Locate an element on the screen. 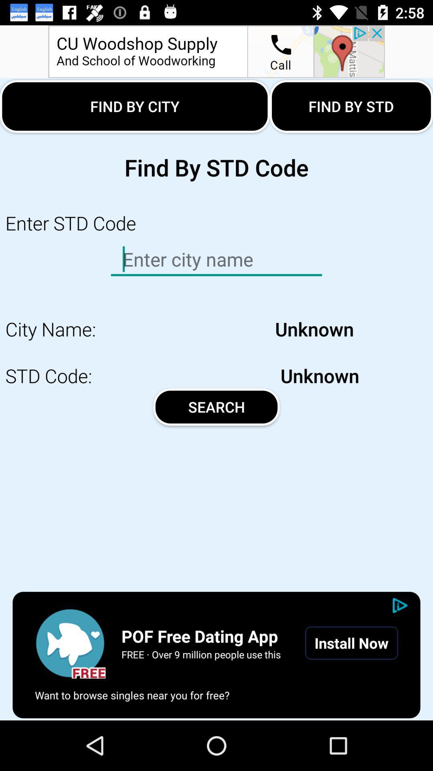 Image resolution: width=433 pixels, height=771 pixels. text is located at coordinates (216, 259).